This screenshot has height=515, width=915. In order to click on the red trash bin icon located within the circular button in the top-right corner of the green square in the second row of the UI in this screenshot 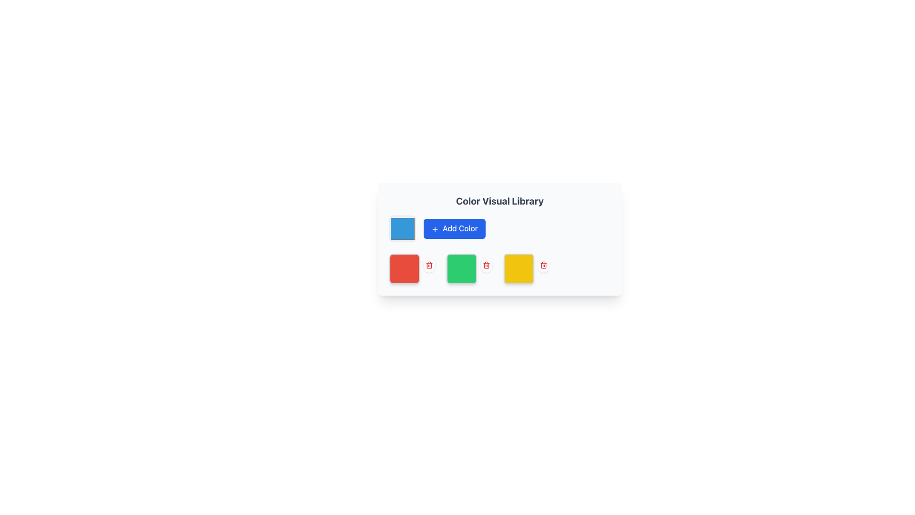, I will do `click(487, 265)`.